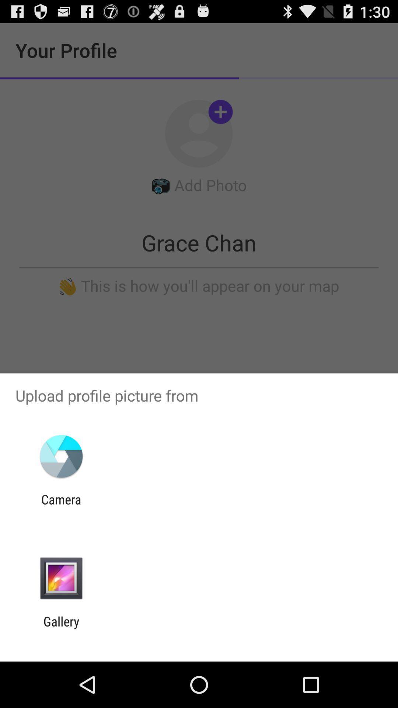 The image size is (398, 708). What do you see at coordinates (61, 507) in the screenshot?
I see `camera item` at bounding box center [61, 507].